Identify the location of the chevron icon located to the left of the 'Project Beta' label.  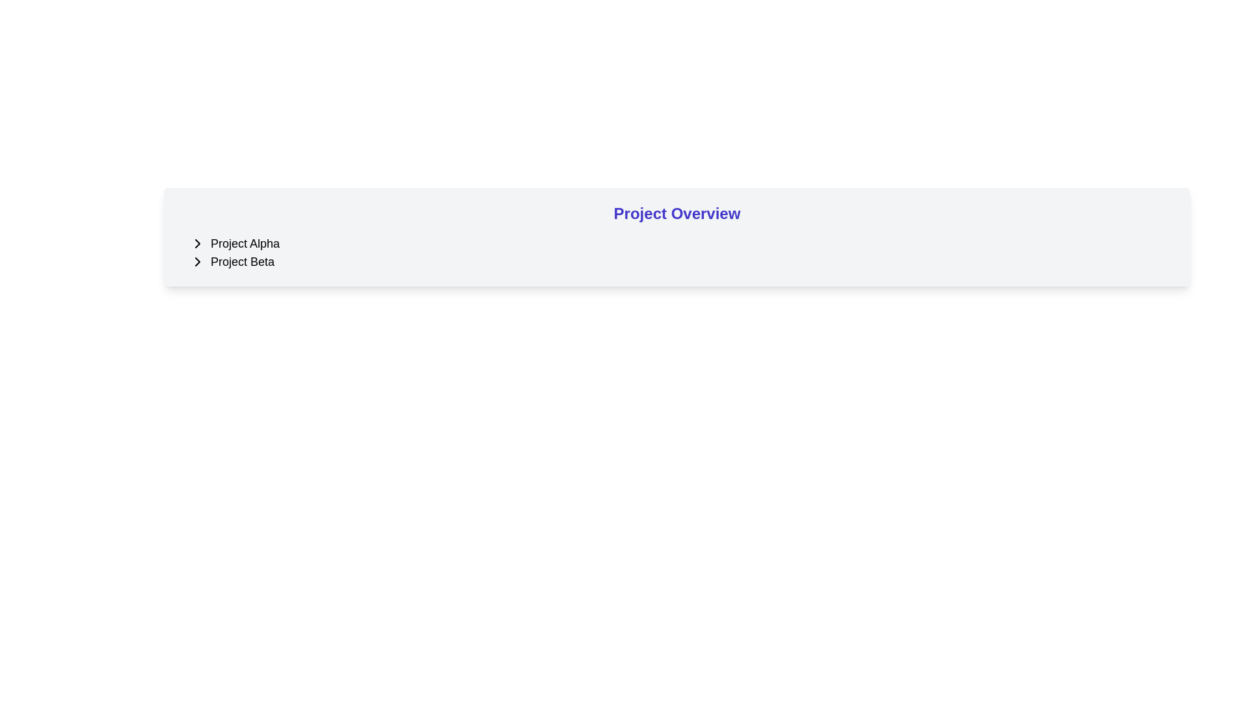
(196, 261).